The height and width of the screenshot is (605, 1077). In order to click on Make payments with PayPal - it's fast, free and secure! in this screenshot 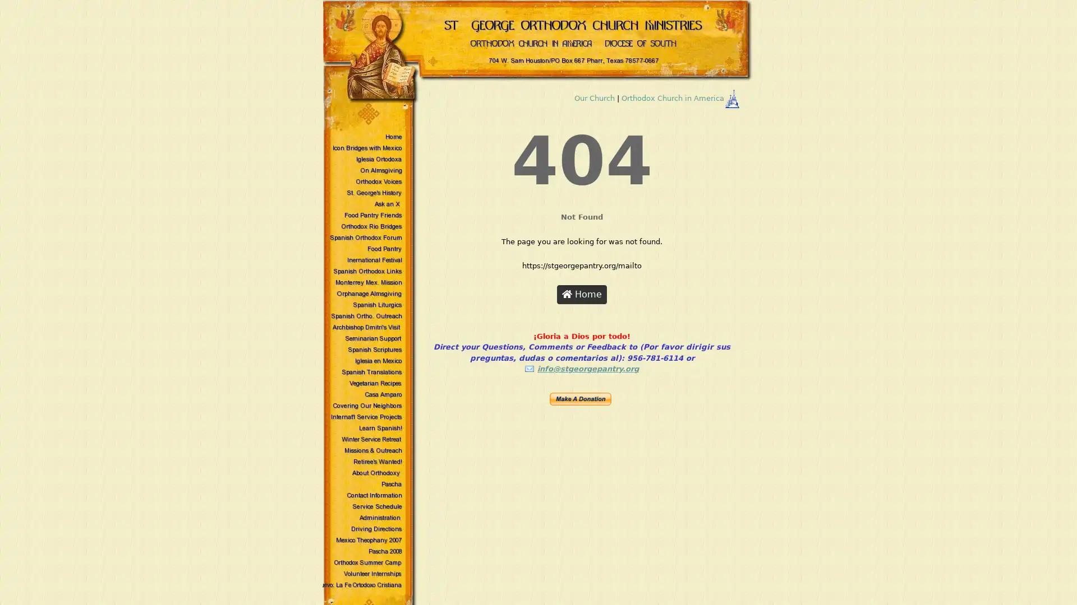, I will do `click(581, 398)`.